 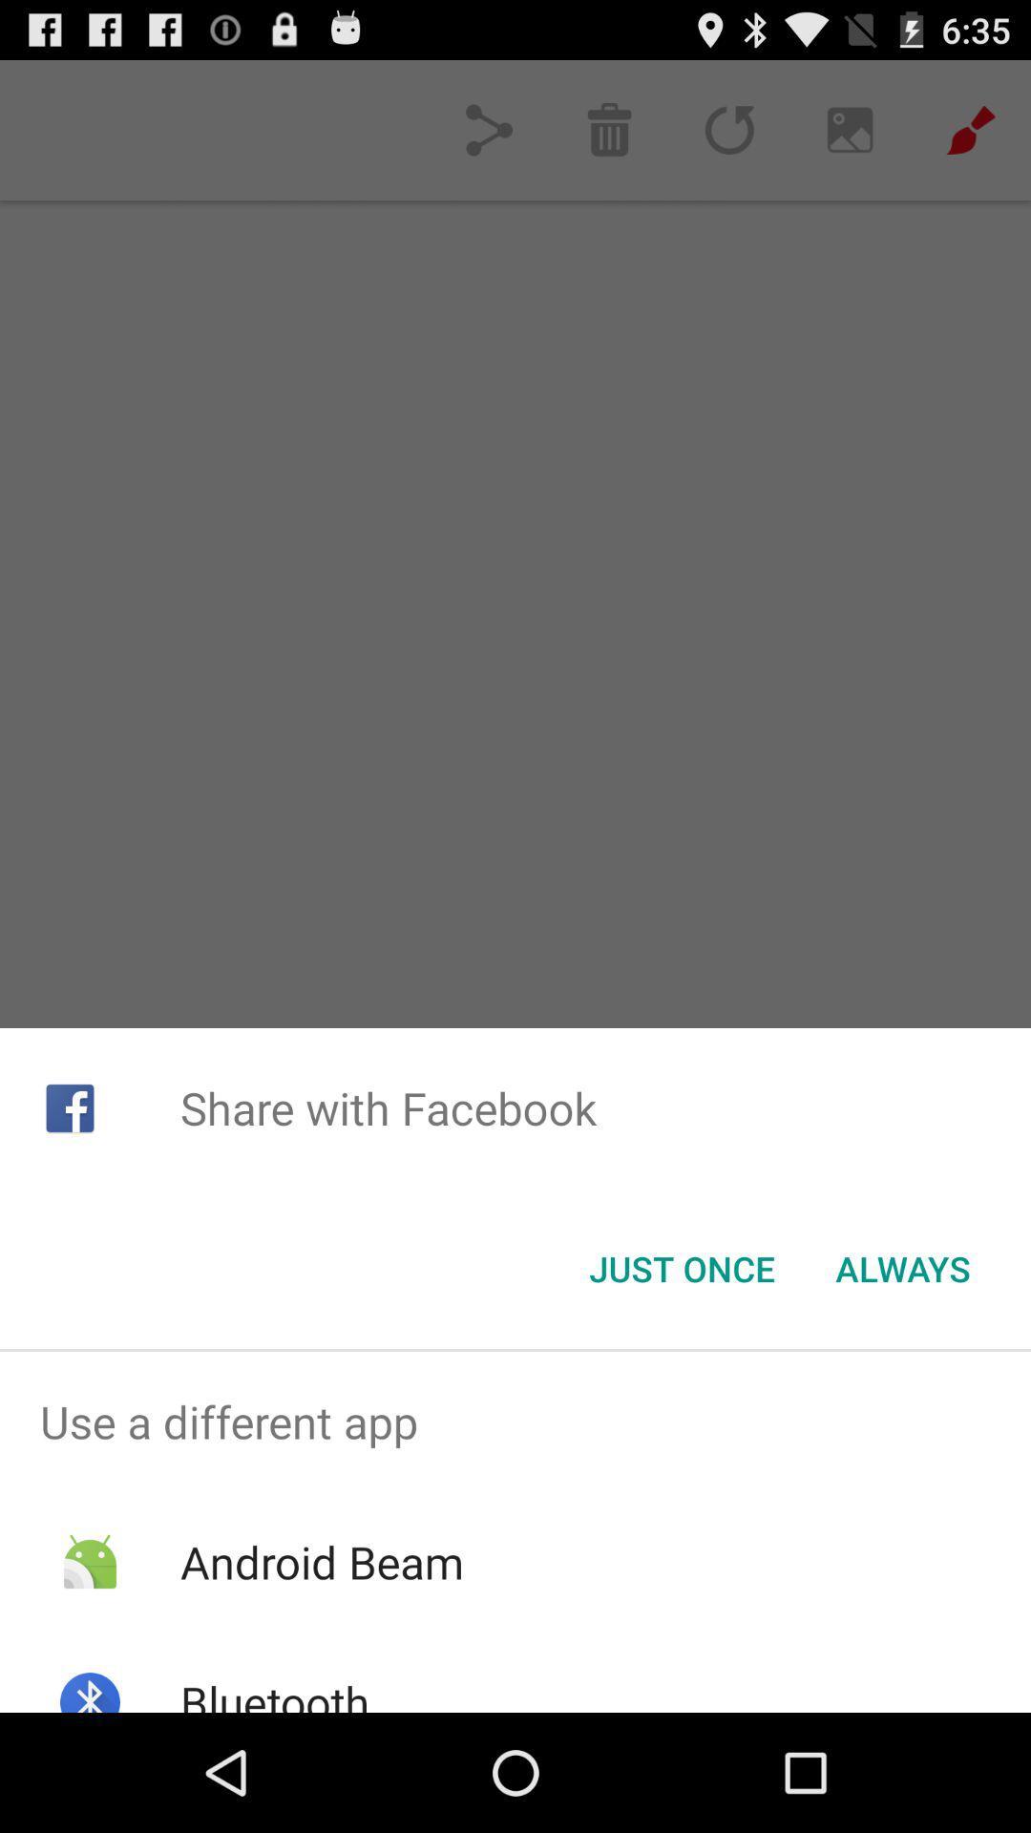 I want to click on the item below android beam app, so click(x=275, y=1692).